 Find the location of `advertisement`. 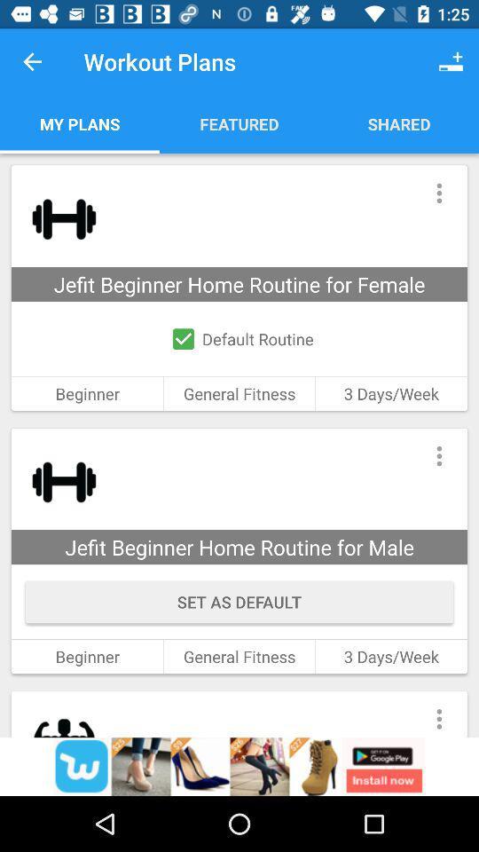

advertisement is located at coordinates (239, 766).